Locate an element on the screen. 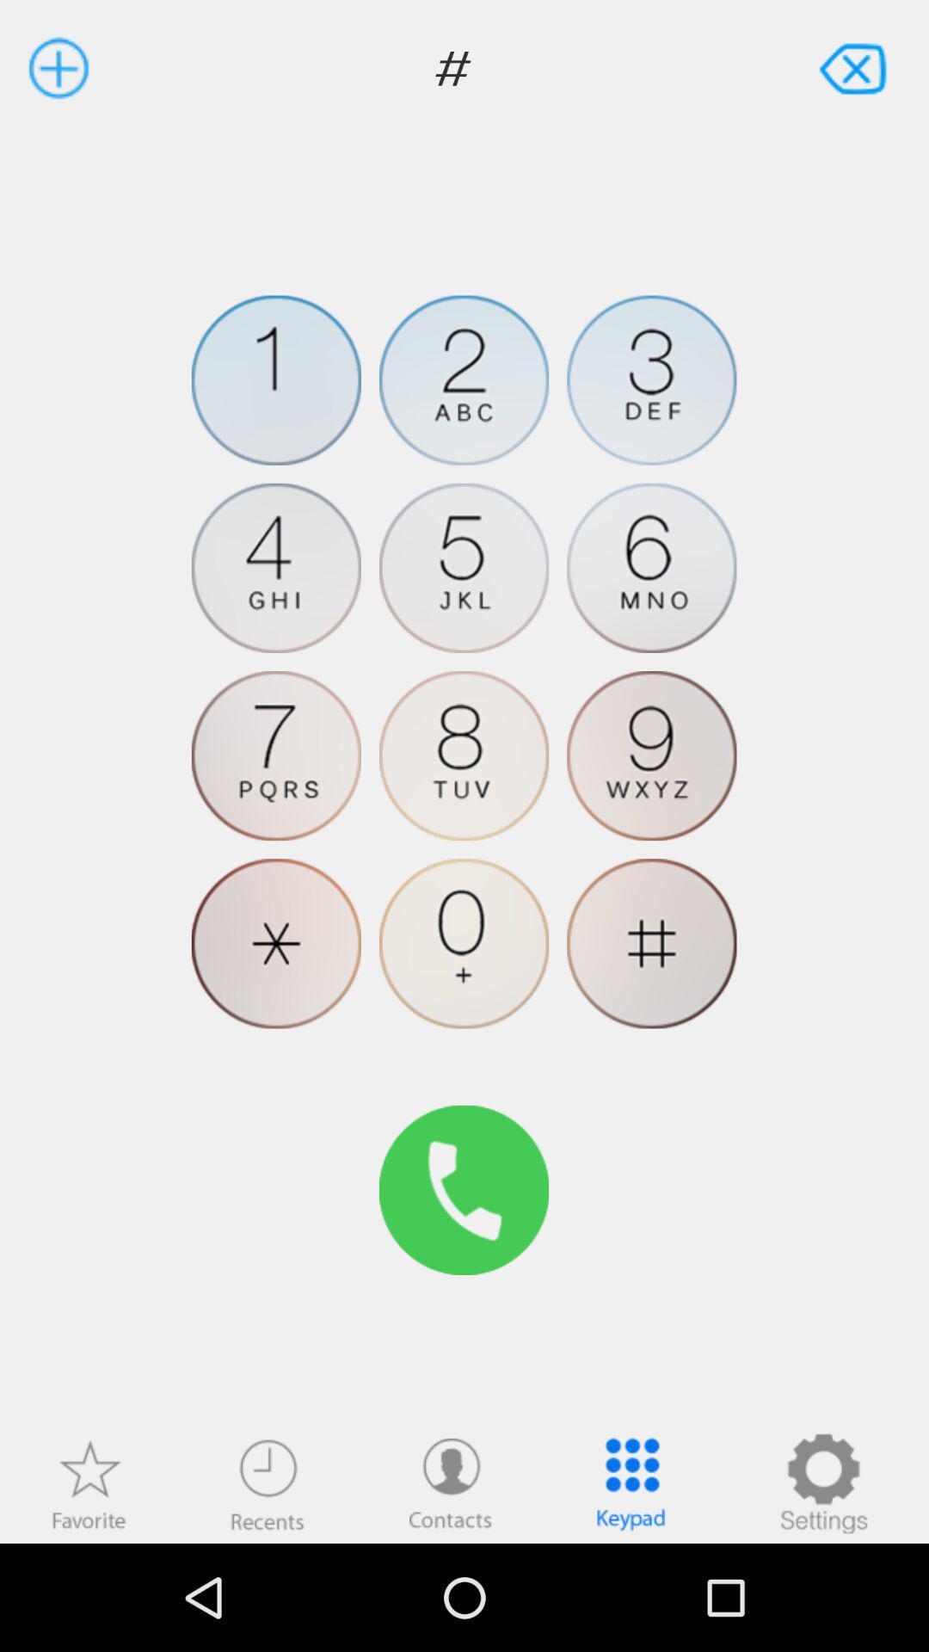  the add icon is located at coordinates (61, 71).